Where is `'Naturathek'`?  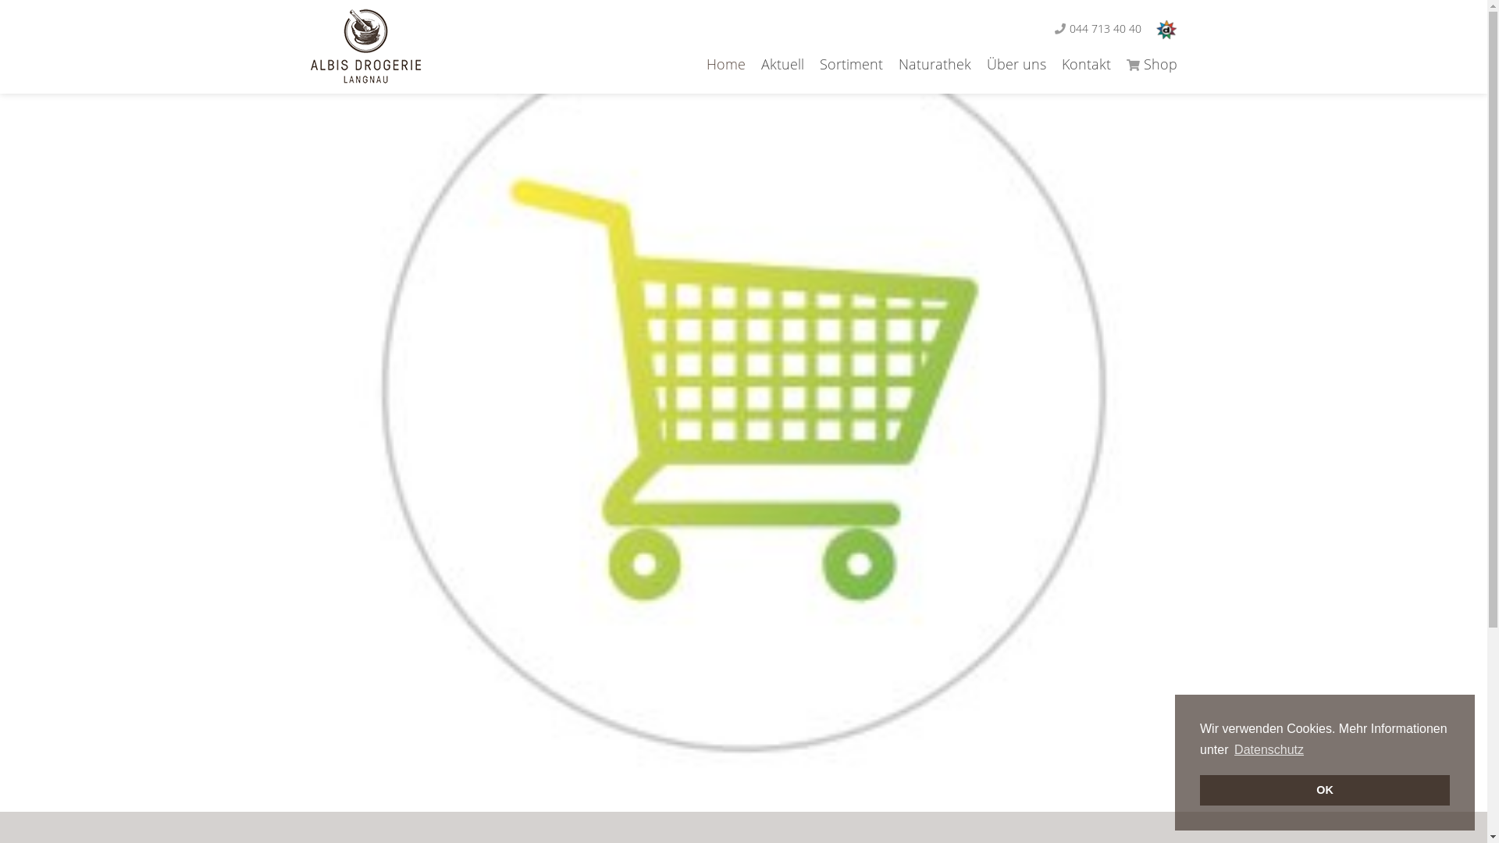
'Naturathek' is located at coordinates (926, 63).